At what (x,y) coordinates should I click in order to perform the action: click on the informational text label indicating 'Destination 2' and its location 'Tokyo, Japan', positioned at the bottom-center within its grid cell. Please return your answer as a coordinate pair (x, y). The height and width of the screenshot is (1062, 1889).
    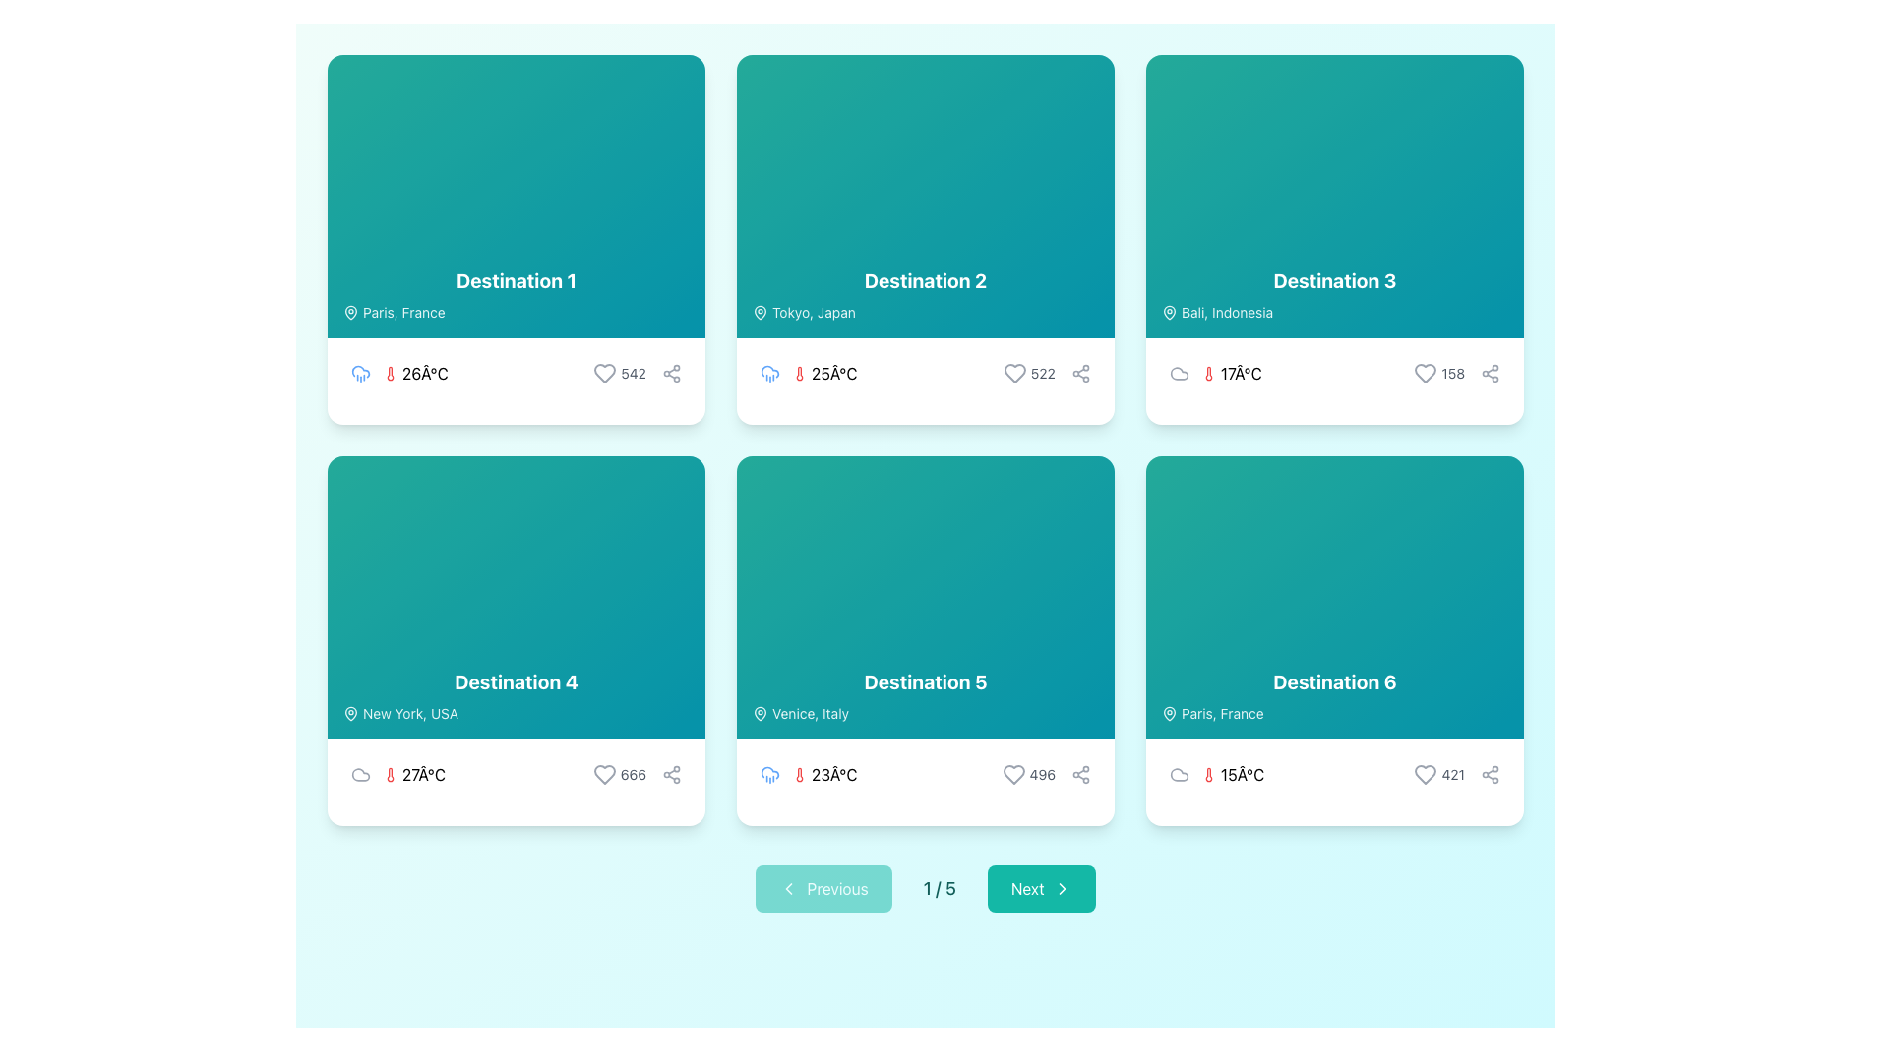
    Looking at the image, I should click on (924, 295).